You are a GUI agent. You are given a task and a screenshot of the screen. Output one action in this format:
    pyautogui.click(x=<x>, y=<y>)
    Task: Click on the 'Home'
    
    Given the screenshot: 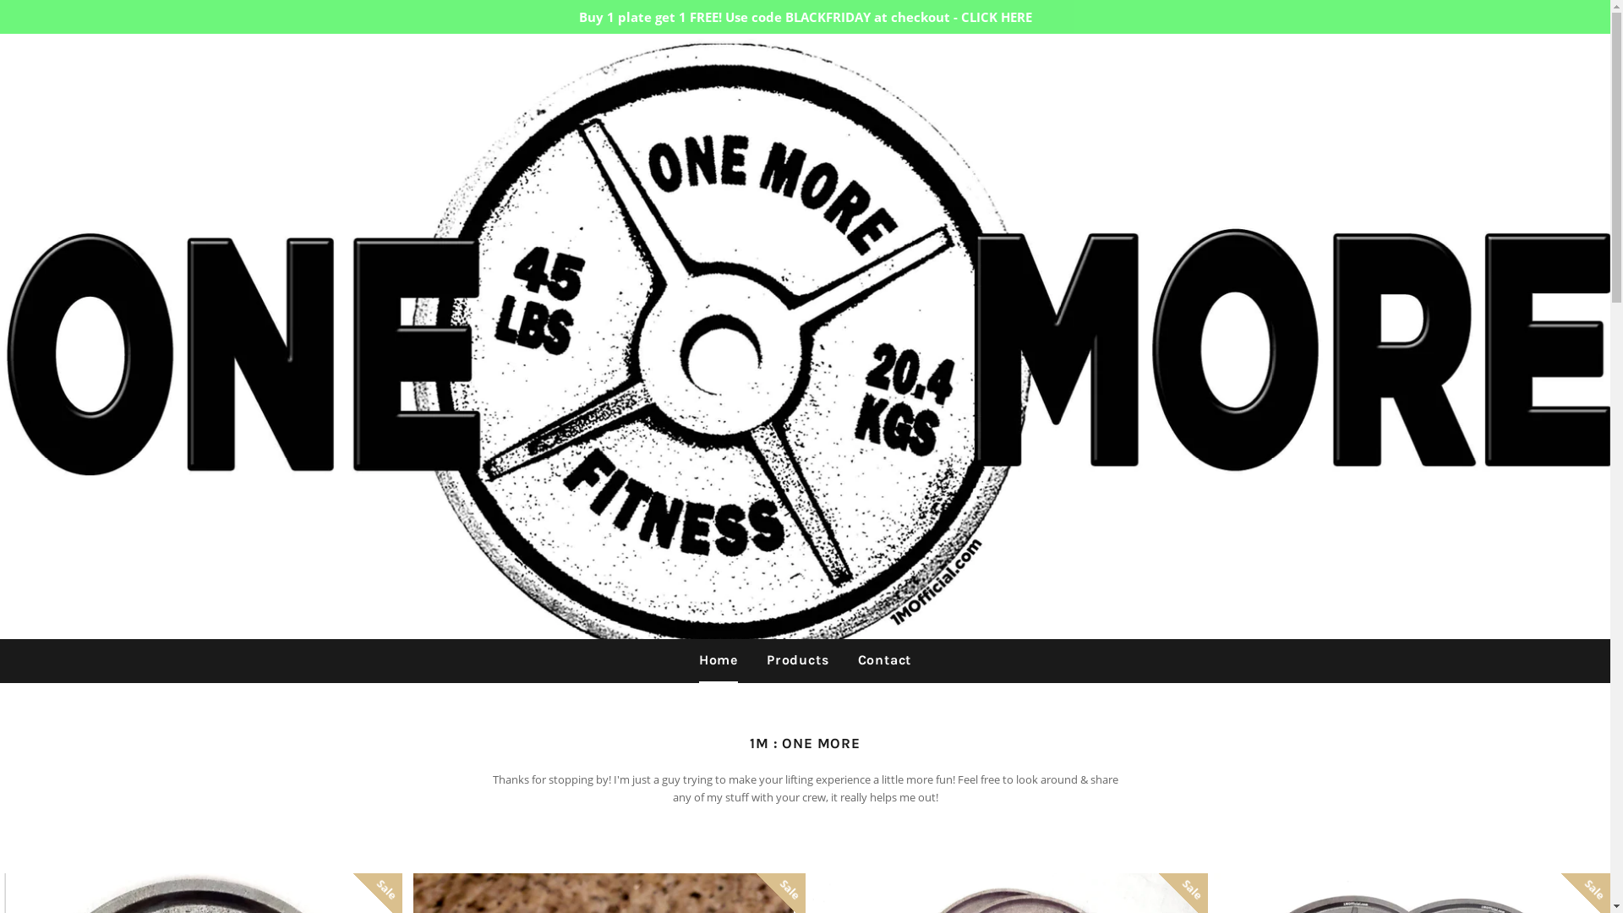 What is the action you would take?
    pyautogui.click(x=718, y=659)
    